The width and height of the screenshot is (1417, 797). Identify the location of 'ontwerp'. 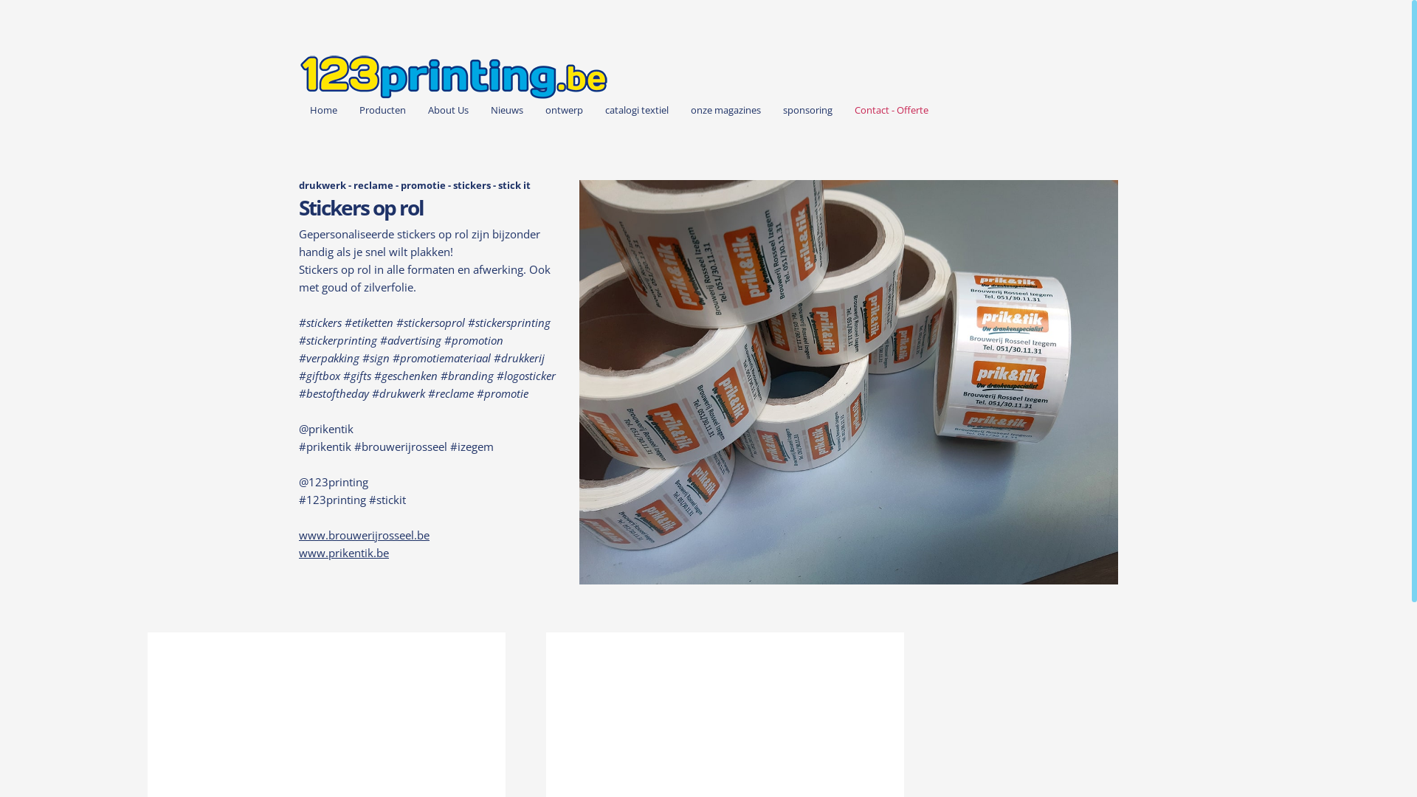
(534, 110).